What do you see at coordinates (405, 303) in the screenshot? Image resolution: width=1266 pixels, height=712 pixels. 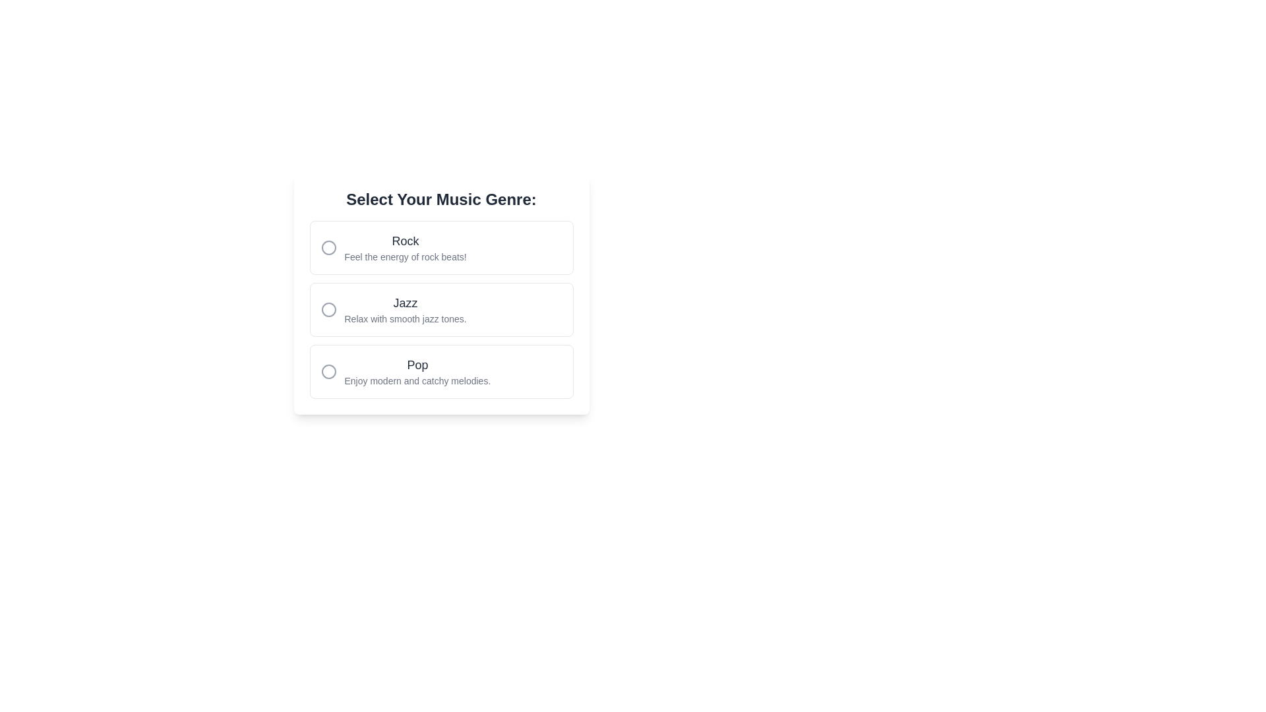 I see `the text label styled as a header with the word 'Jazz', which is bold and dark gray, located in the middle section of a vertical list under 'Select Your Music Genre'` at bounding box center [405, 303].